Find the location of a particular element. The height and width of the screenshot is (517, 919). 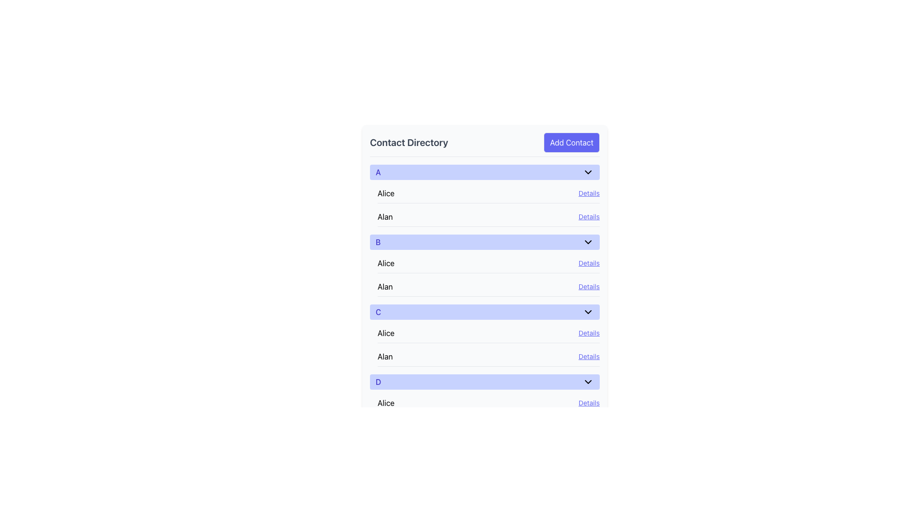

the section header label that groups items starting with the letter 'B', located near the left side of a light indigo-colored bar between bars labeled 'A' and 'C' is located at coordinates (378, 241).